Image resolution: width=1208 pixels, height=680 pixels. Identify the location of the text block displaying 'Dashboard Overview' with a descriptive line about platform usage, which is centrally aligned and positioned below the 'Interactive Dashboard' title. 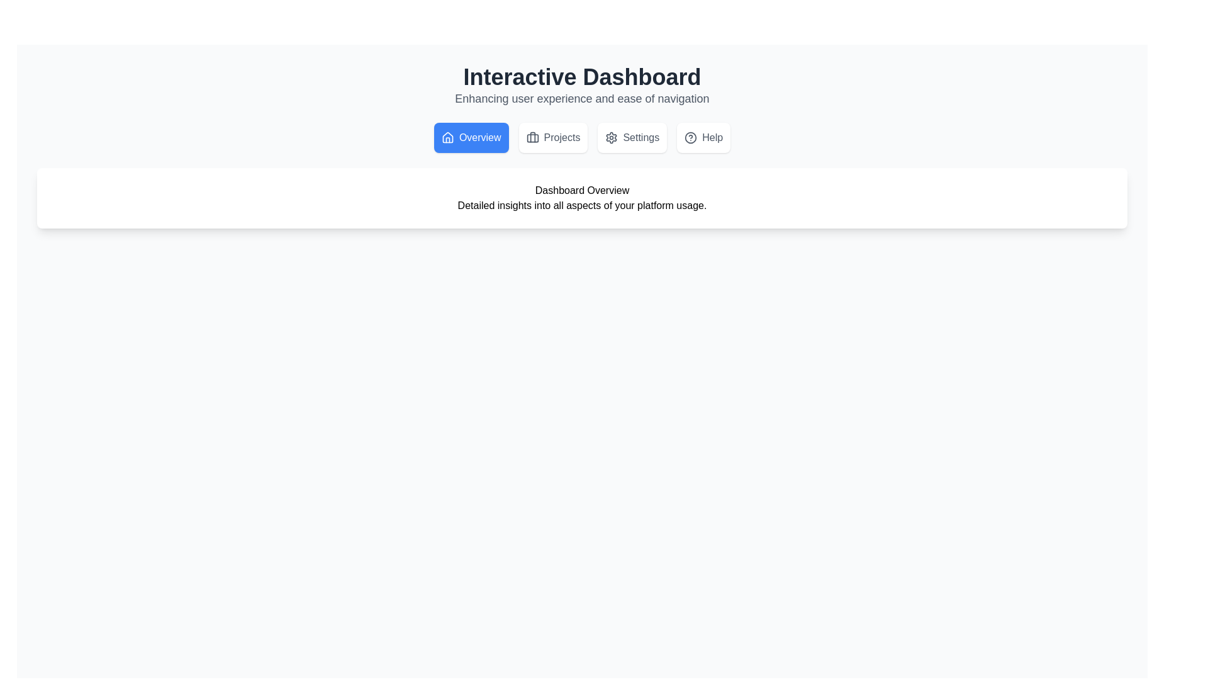
(581, 198).